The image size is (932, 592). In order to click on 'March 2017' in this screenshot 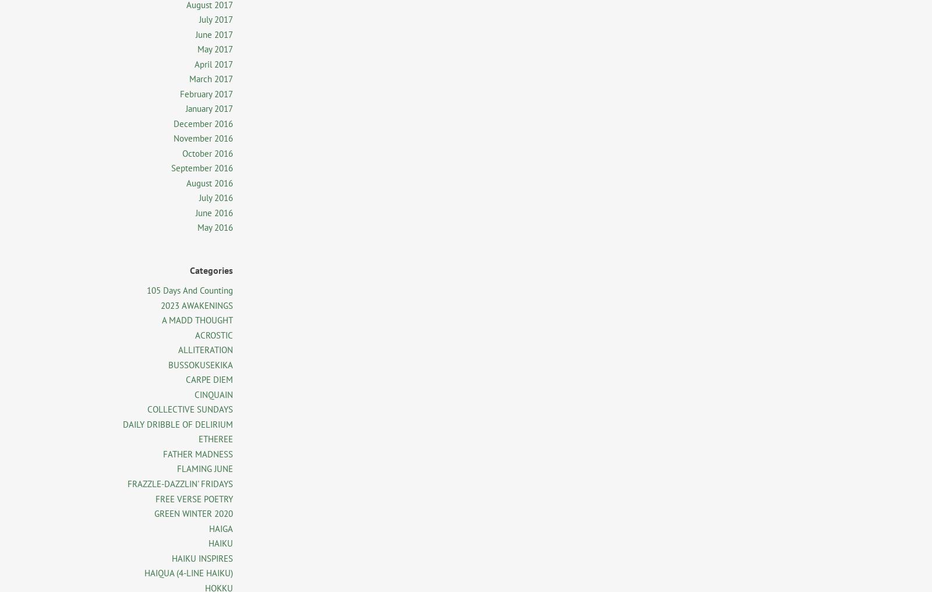, I will do `click(211, 78)`.